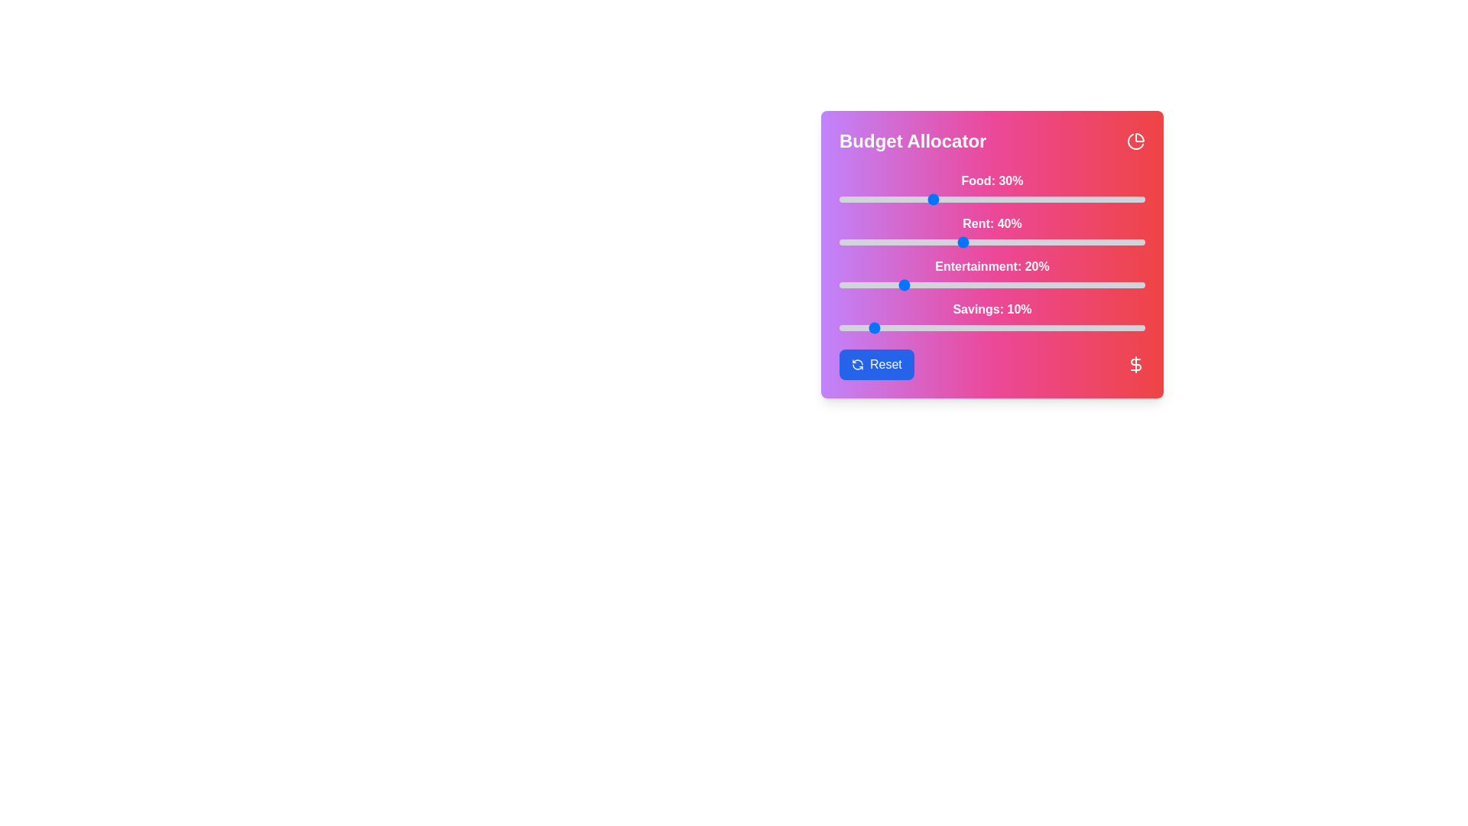 The height and width of the screenshot is (826, 1468). What do you see at coordinates (1136, 365) in the screenshot?
I see `the white dollar sign icon located at the bottom-right corner of the red gradient background panel` at bounding box center [1136, 365].